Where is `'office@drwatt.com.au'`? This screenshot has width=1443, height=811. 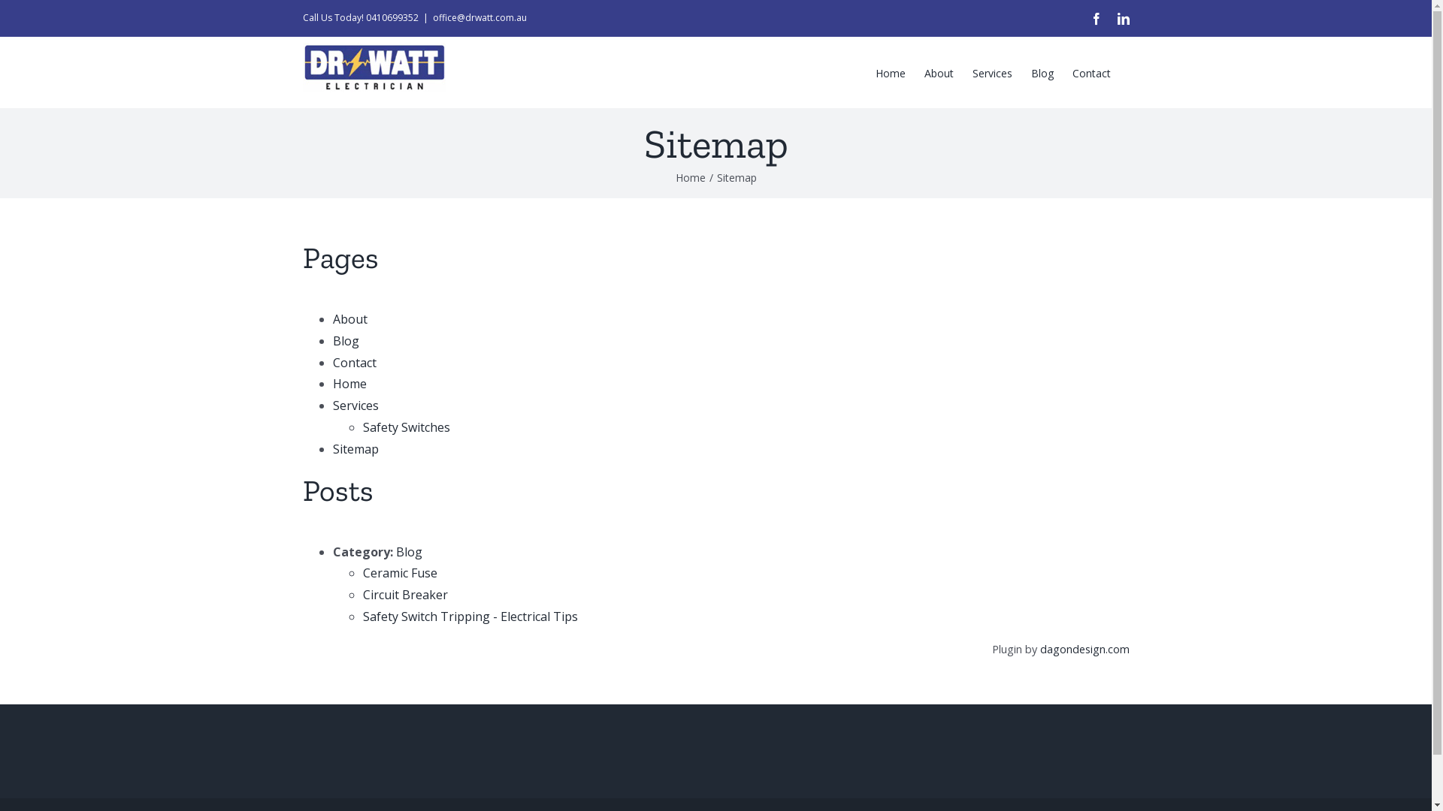
'office@drwatt.com.au' is located at coordinates (479, 17).